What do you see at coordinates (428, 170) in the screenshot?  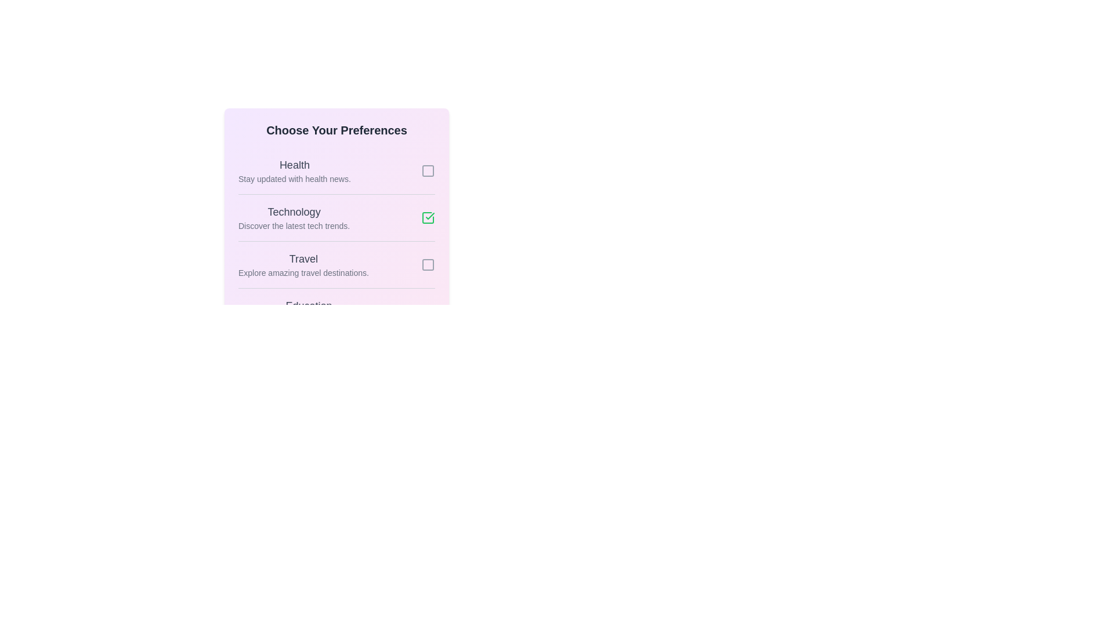 I see `the preference item identified by Health` at bounding box center [428, 170].